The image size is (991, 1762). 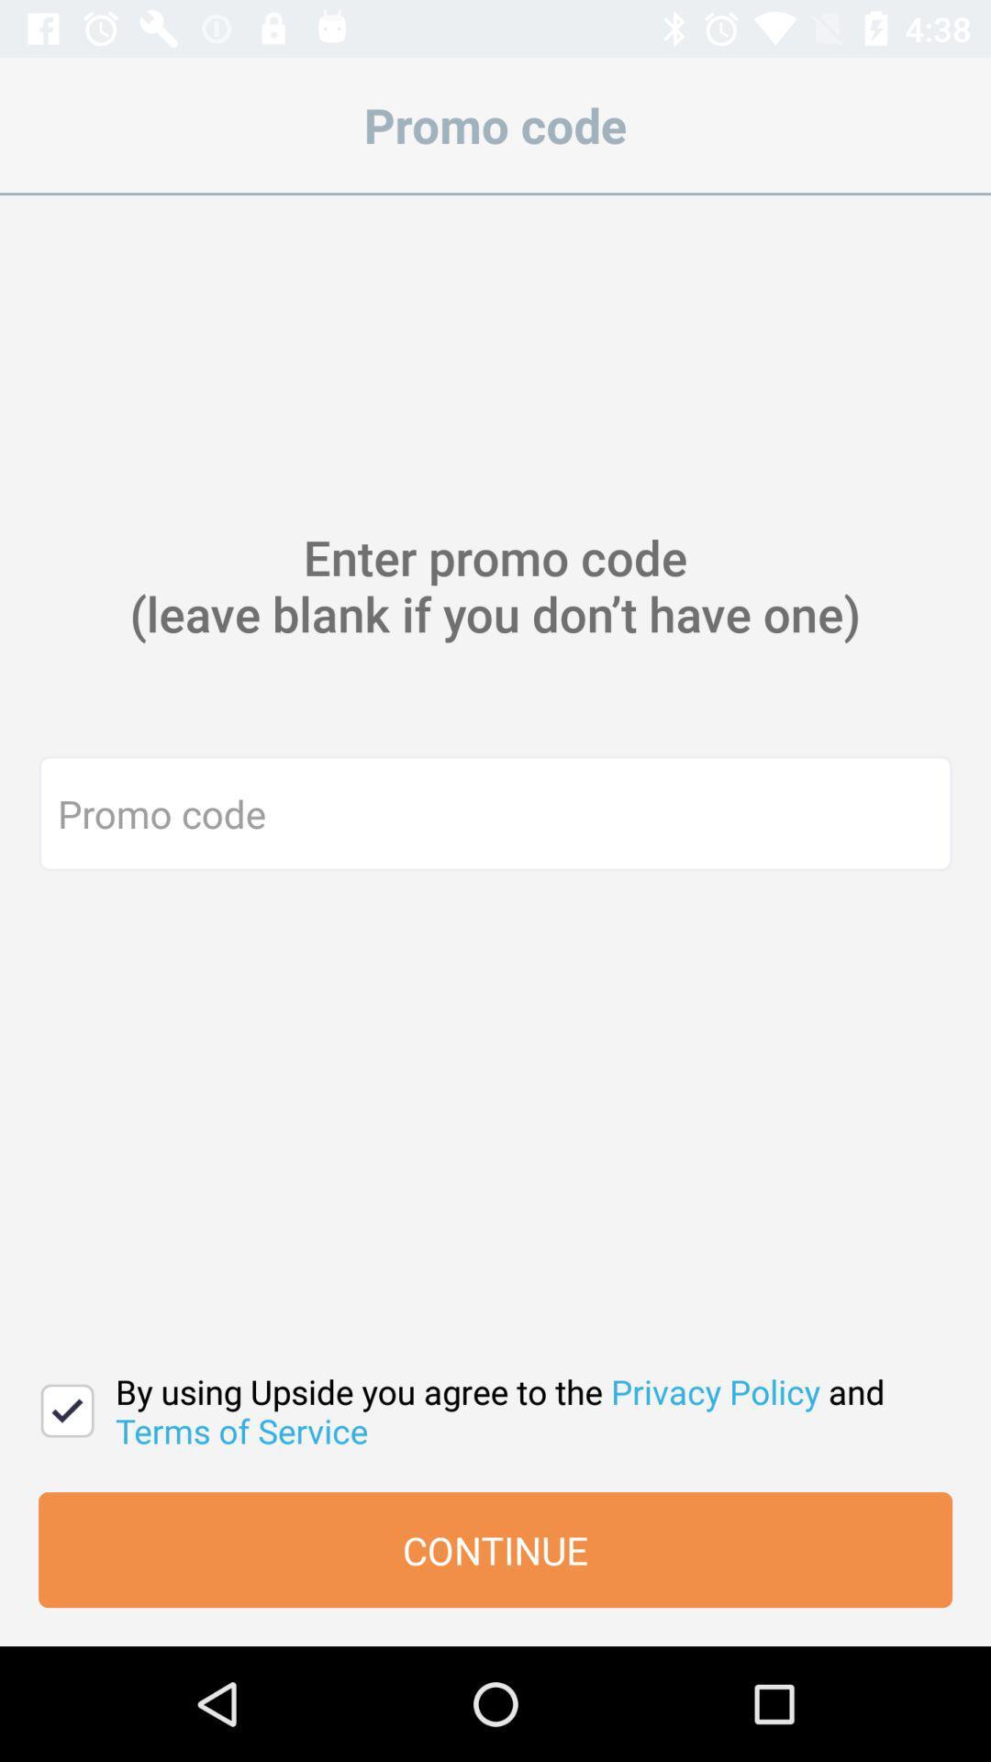 What do you see at coordinates (66, 1410) in the screenshot?
I see `agree to terms of service` at bounding box center [66, 1410].